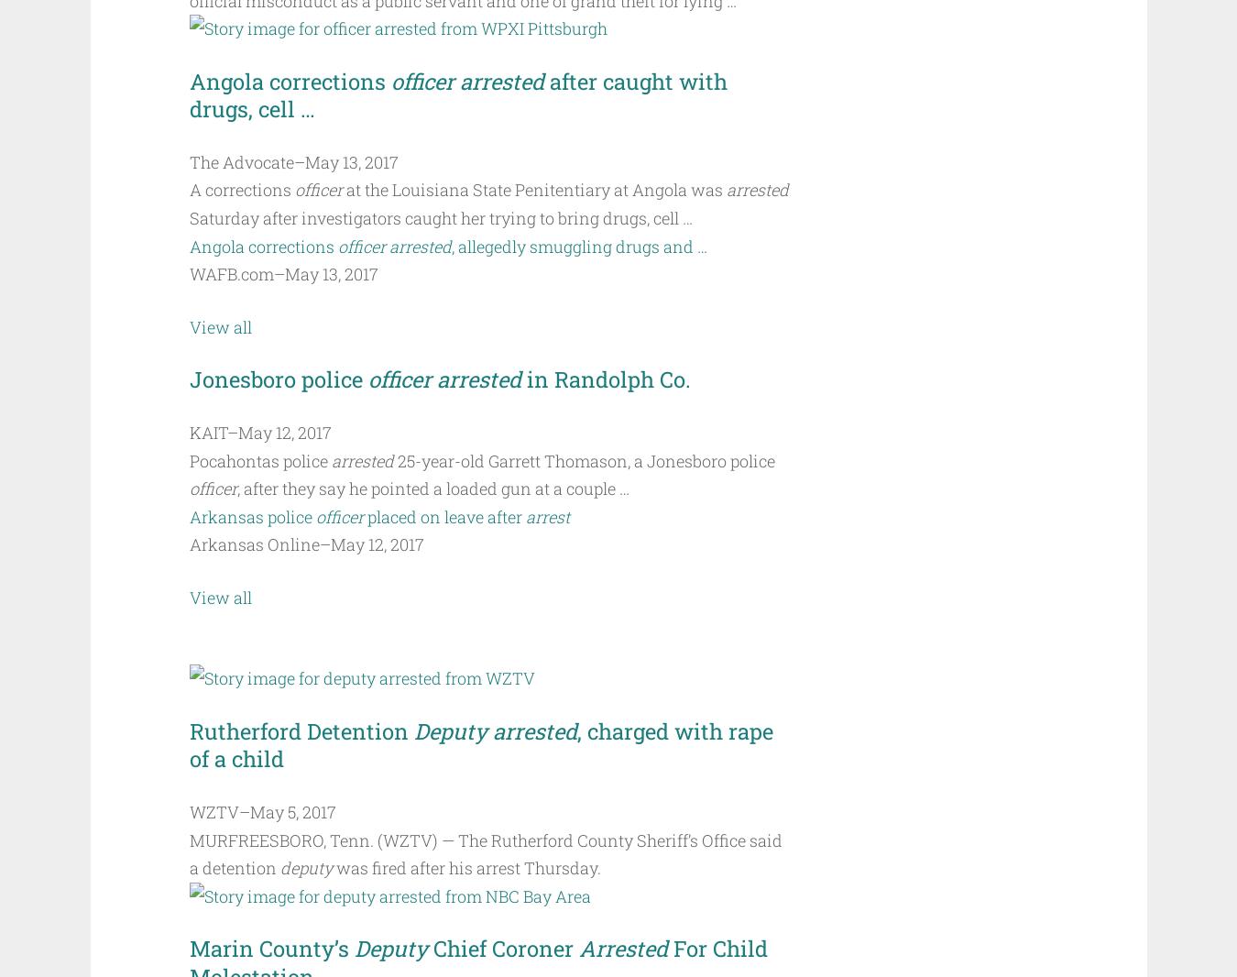  What do you see at coordinates (278, 868) in the screenshot?
I see `'deputy'` at bounding box center [278, 868].